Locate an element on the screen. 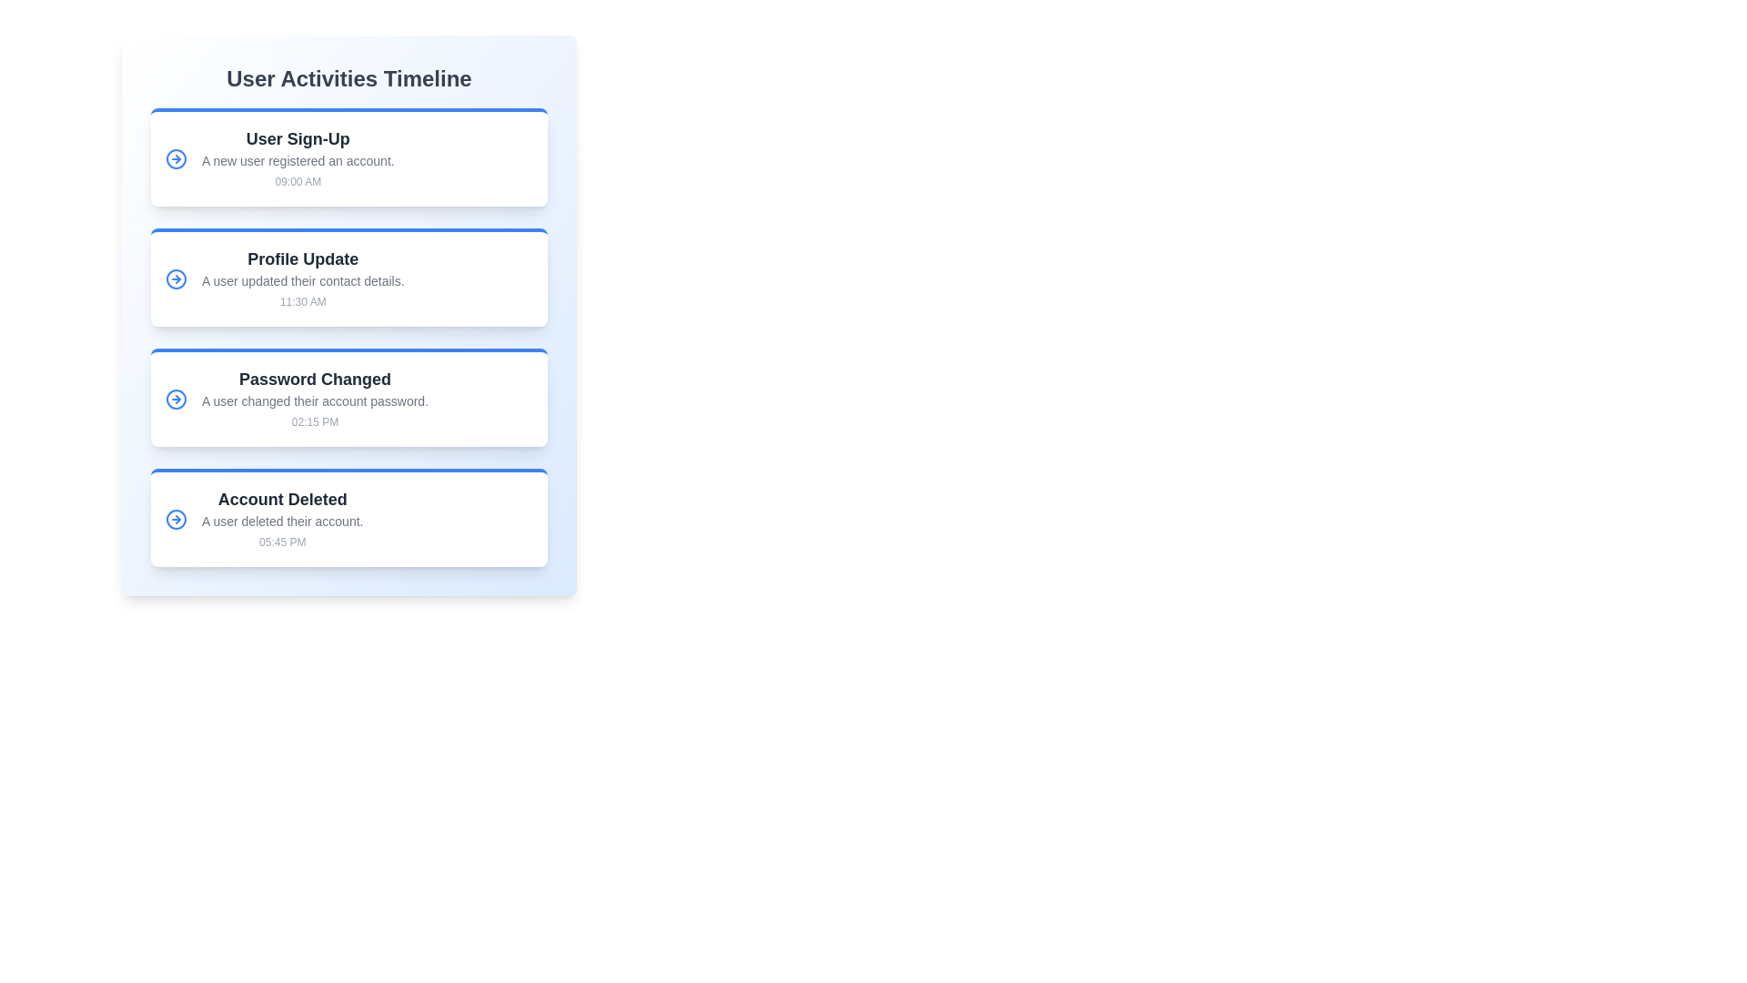 The height and width of the screenshot is (983, 1747). the title element labeled 'Password Changed' in the third block of the vertical timeline is located at coordinates (315, 378).